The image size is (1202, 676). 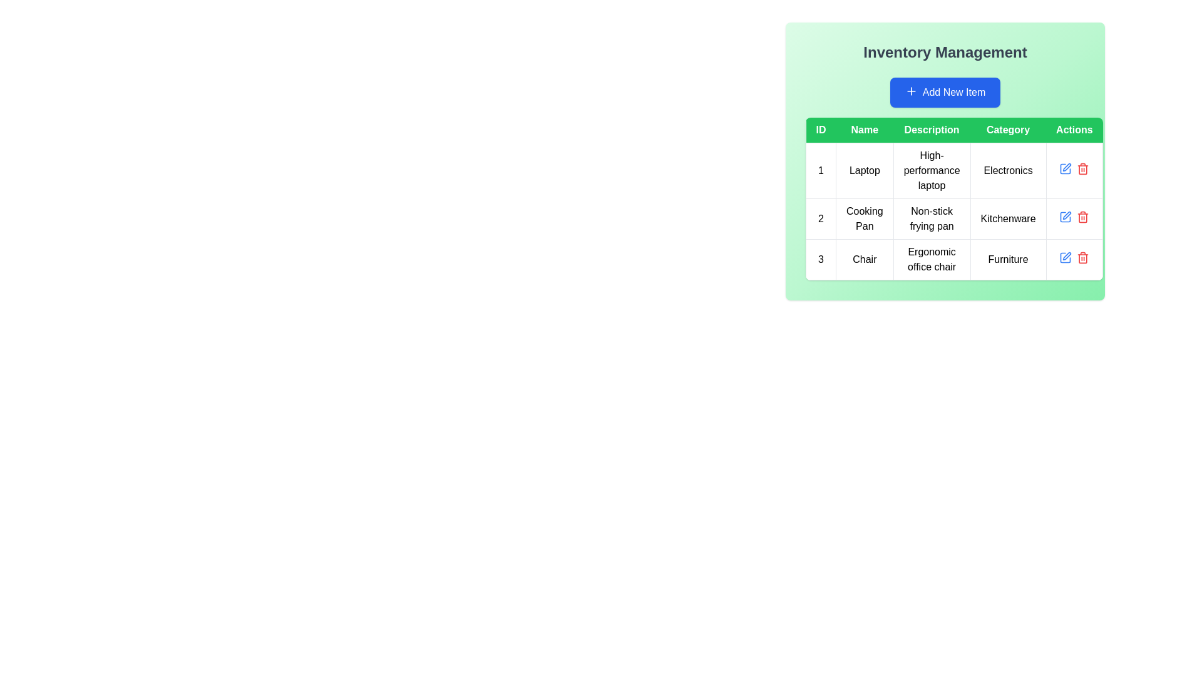 I want to click on the third row of the table under 'Inventory Management' which contains the item 'Chair', so click(x=953, y=259).